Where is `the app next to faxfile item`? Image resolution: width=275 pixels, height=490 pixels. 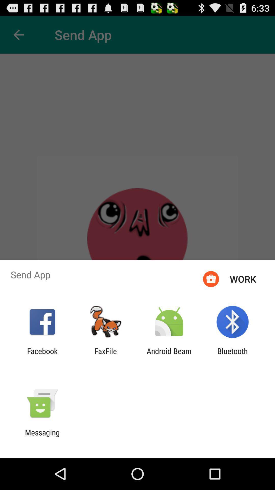
the app next to faxfile item is located at coordinates (42, 355).